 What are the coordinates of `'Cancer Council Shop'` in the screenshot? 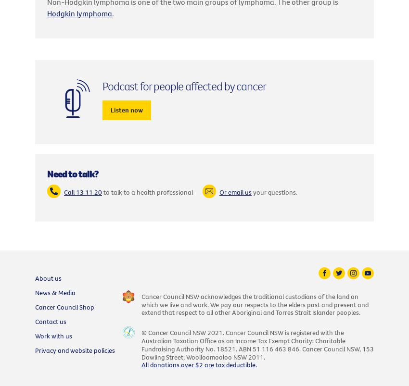 It's located at (35, 306).